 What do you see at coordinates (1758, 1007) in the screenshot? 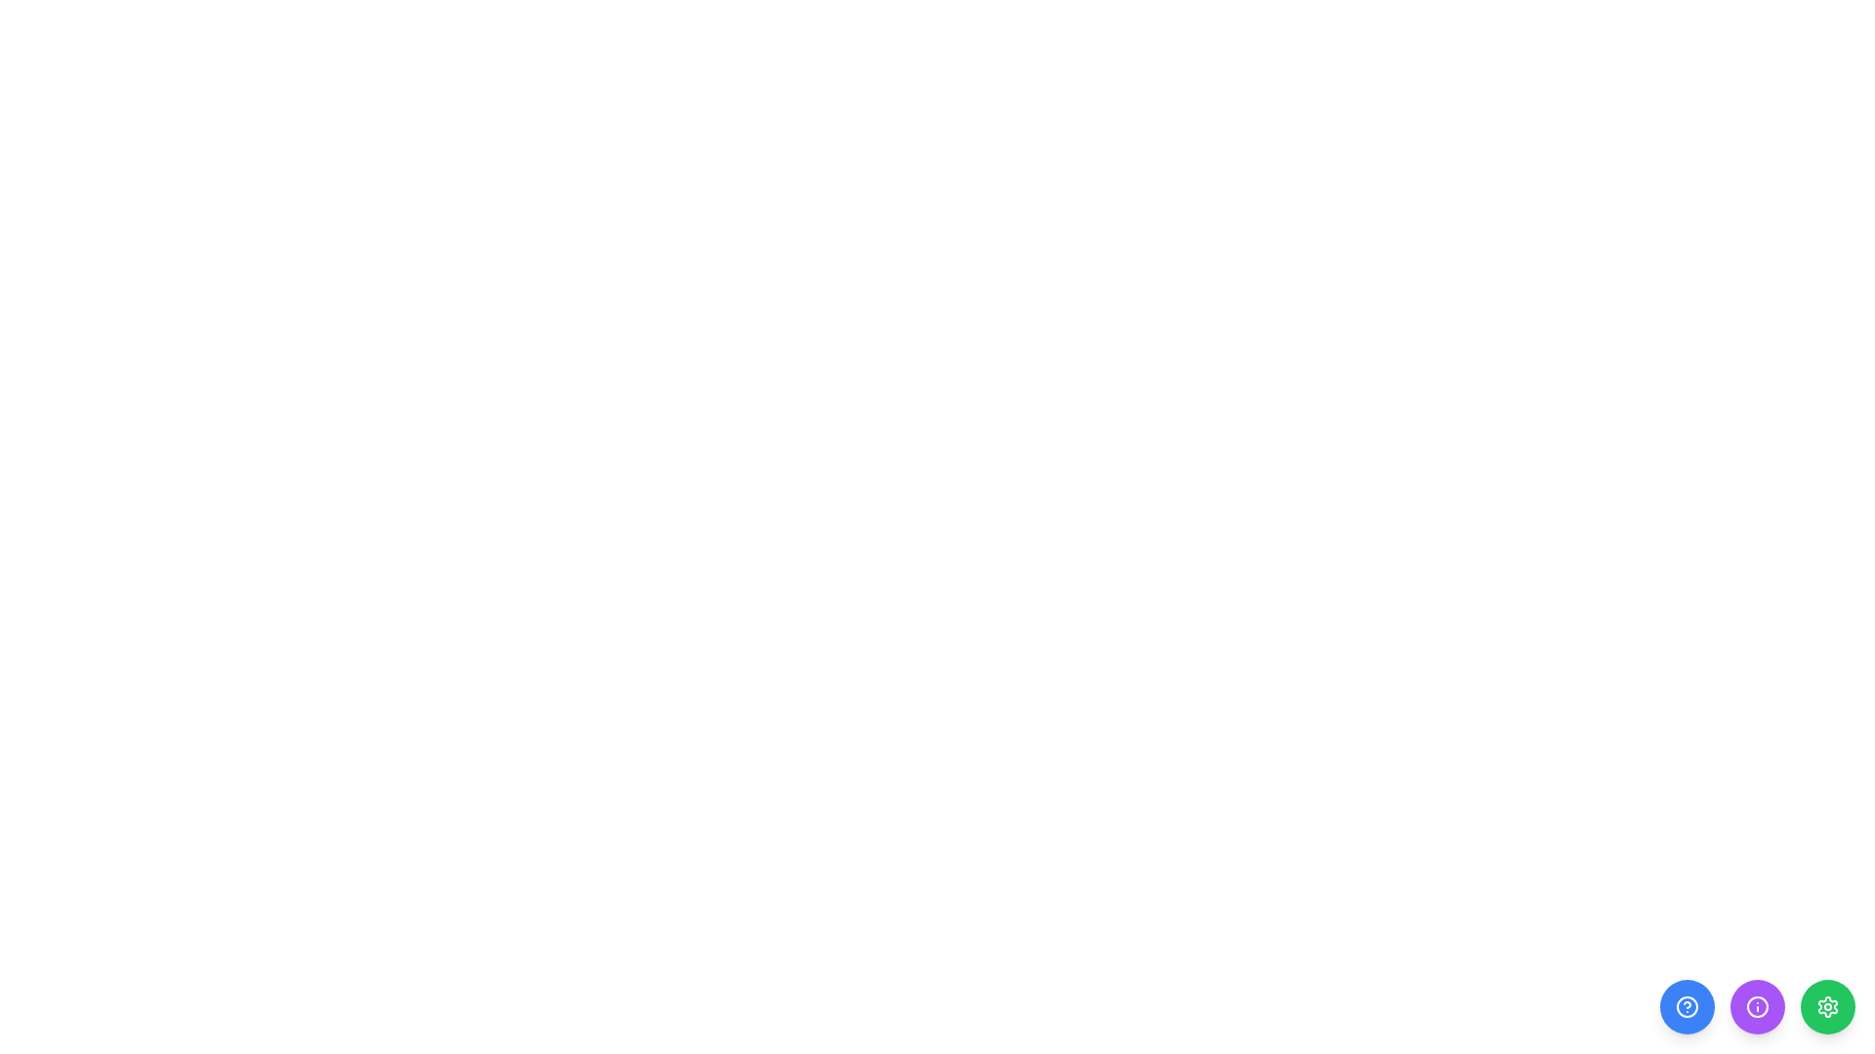
I see `the purple circular icon button with an 'info' symbol to observe its hover effects` at bounding box center [1758, 1007].